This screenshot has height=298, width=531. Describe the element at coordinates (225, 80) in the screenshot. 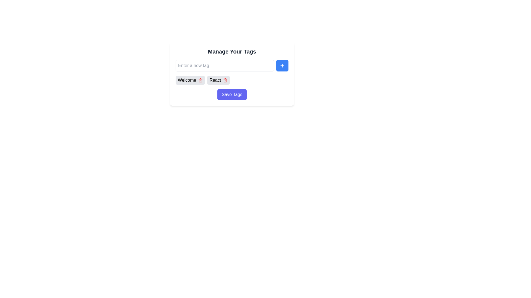

I see `the red trash can icon located to the right of the 'React' label` at that location.